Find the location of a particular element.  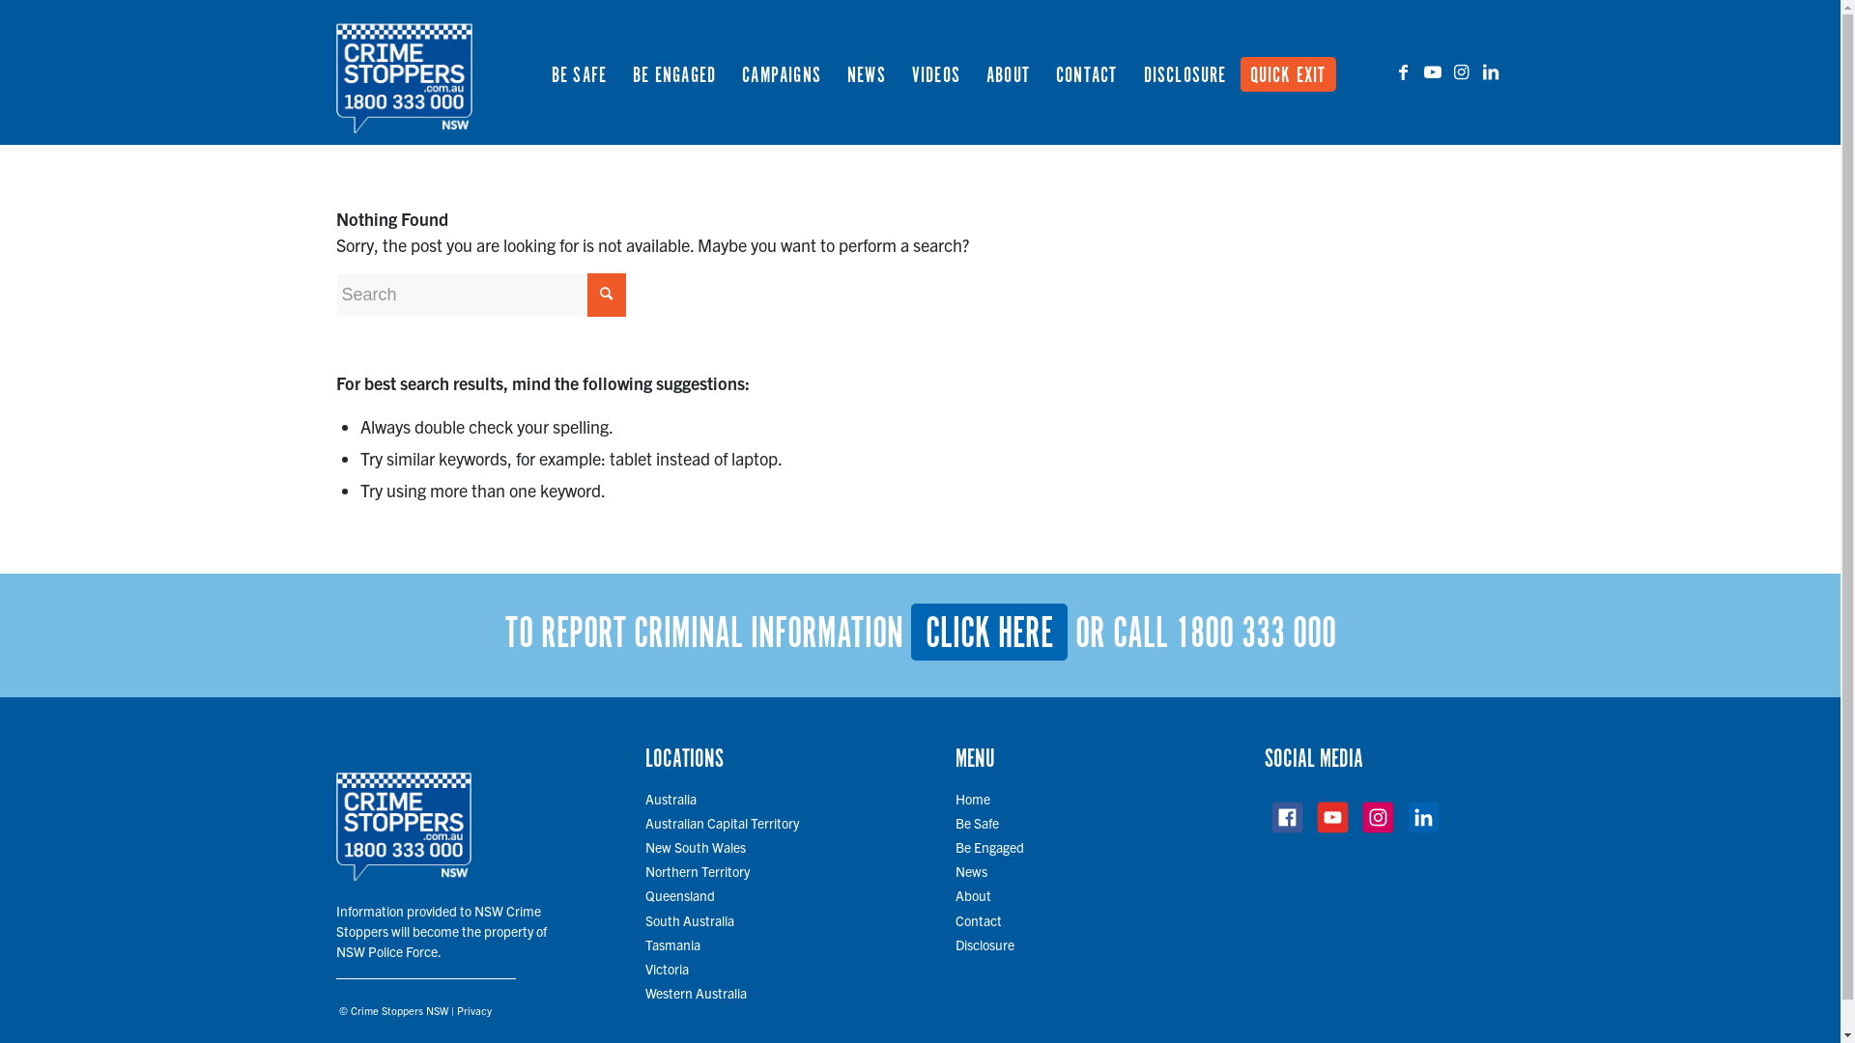

'CLICK HERE' is located at coordinates (987, 632).